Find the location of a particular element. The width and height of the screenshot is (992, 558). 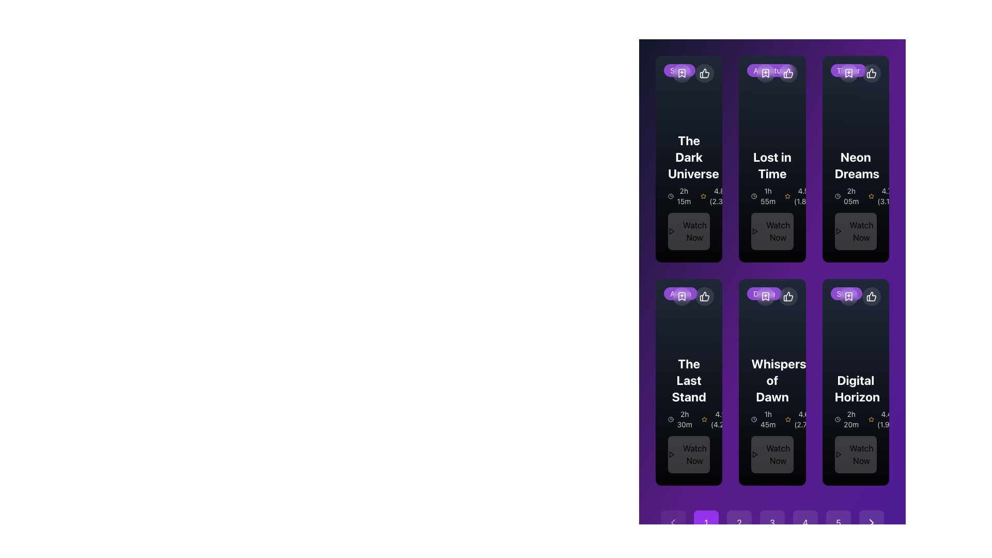

the star rating icon located in the upper section of the card, positioned to the left of the numeric rating text indicating a score of 4.8 is located at coordinates (703, 196).